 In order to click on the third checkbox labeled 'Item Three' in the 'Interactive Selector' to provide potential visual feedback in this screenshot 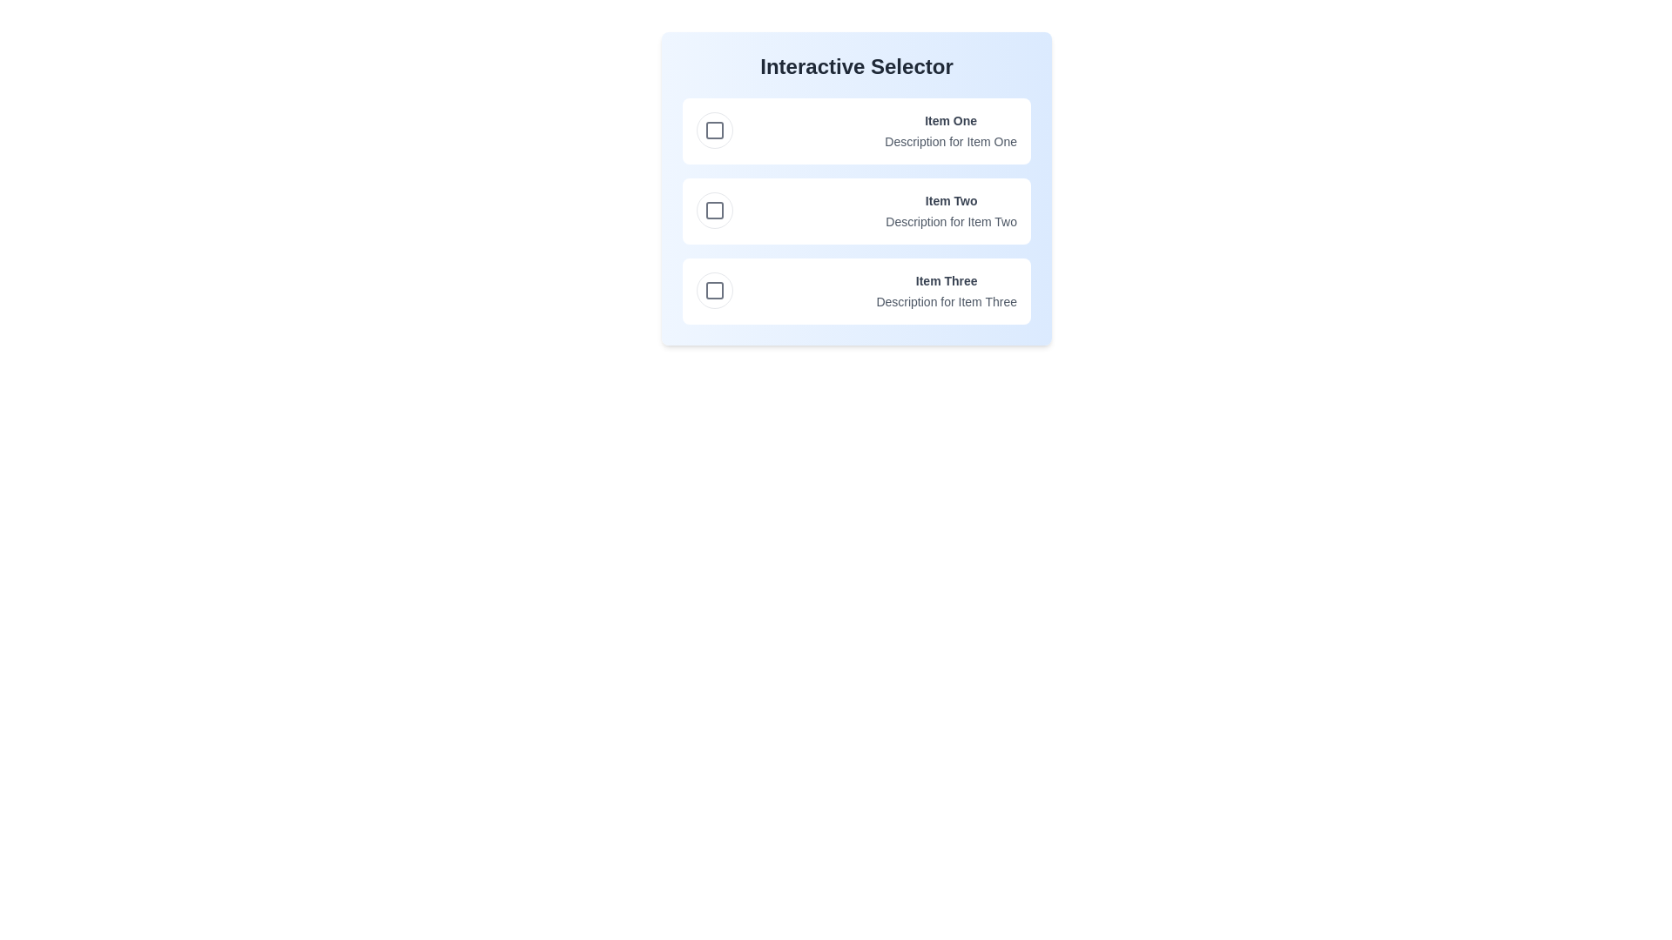, I will do `click(714, 290)`.